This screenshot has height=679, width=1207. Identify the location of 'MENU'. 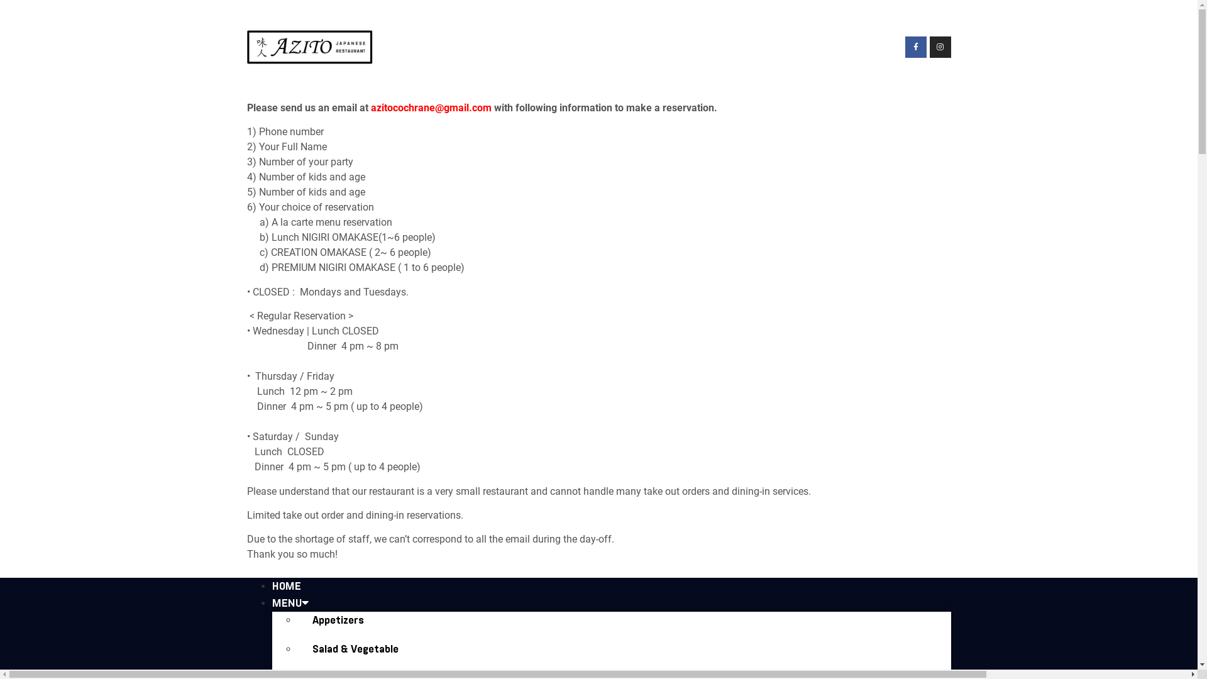
(289, 602).